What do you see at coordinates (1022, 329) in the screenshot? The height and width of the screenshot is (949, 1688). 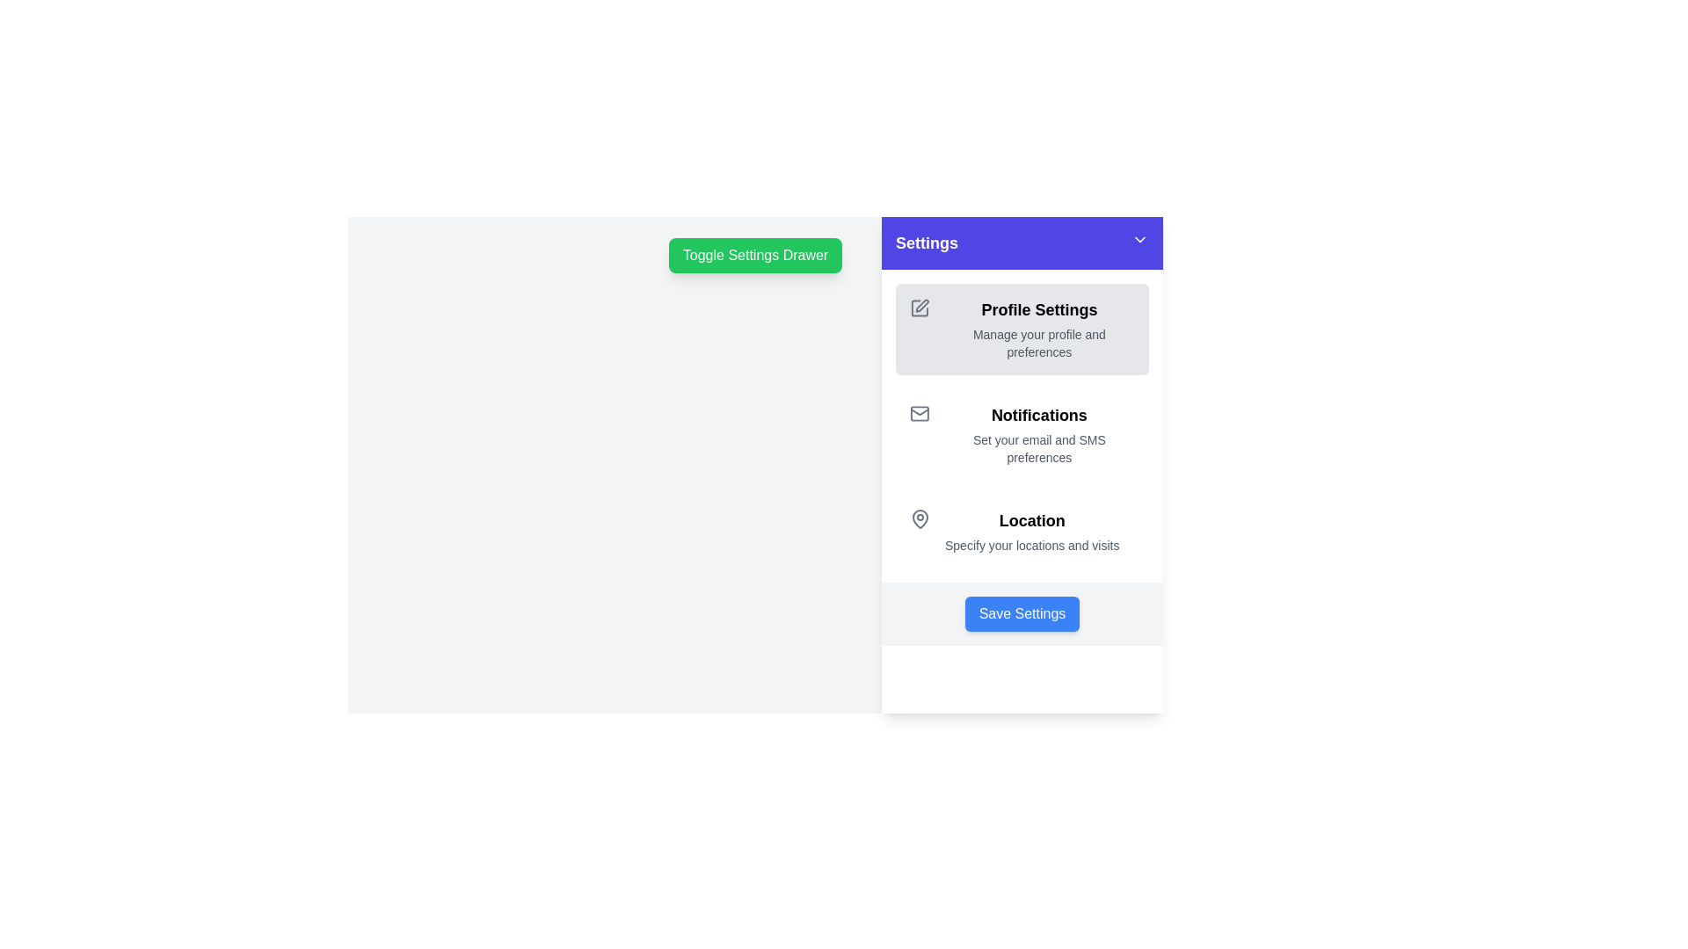 I see `the 'Profile Settings' button in the sidebar menu` at bounding box center [1022, 329].